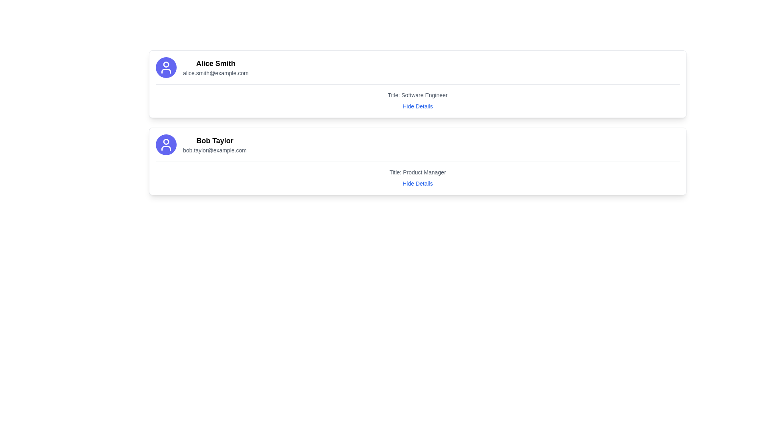 The width and height of the screenshot is (769, 432). What do you see at coordinates (417, 106) in the screenshot?
I see `the hyperlink located on the right side of the interface, directly below the text 'Title: Software Engineer'` at bounding box center [417, 106].